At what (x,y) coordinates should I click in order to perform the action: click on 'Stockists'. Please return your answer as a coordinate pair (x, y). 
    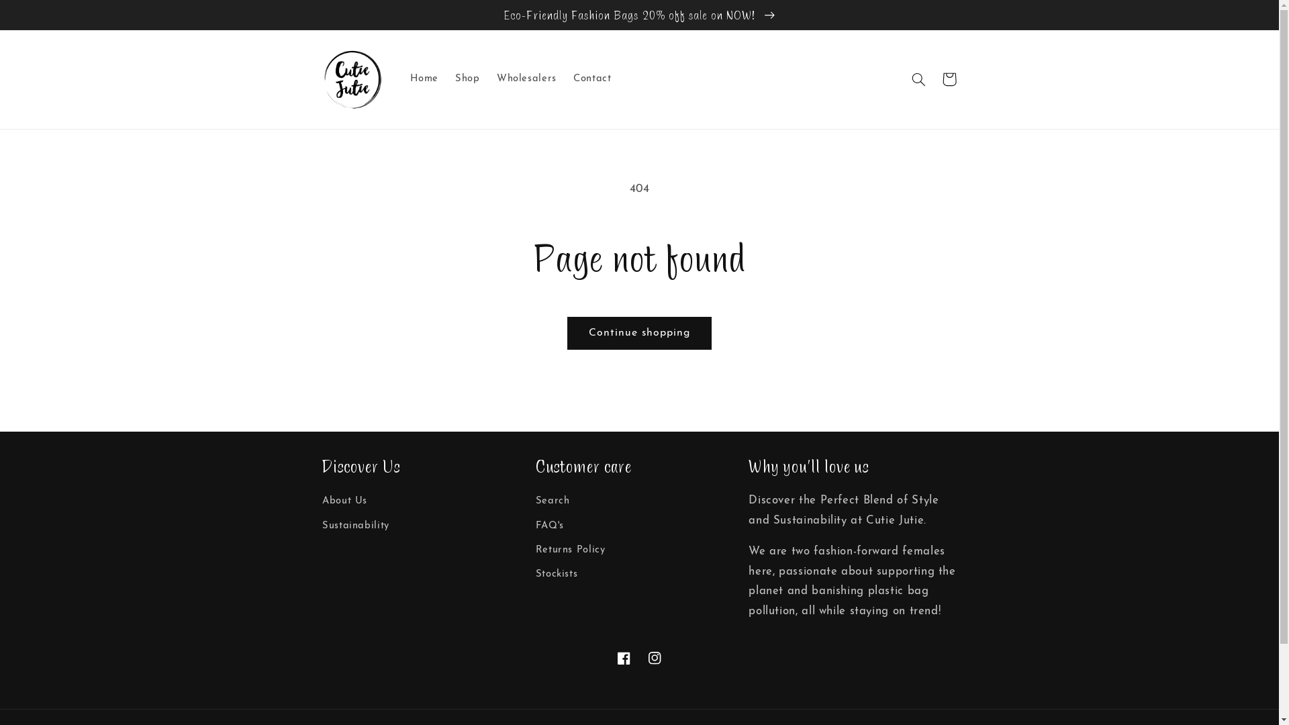
    Looking at the image, I should click on (557, 574).